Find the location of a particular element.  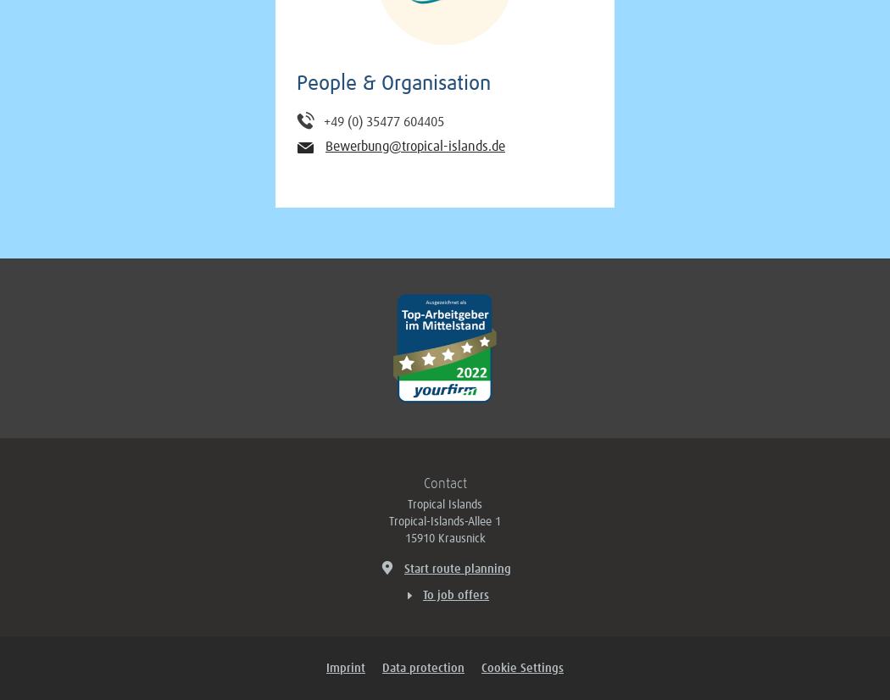

'Bewerbung@tropical-islands.de' is located at coordinates (414, 145).